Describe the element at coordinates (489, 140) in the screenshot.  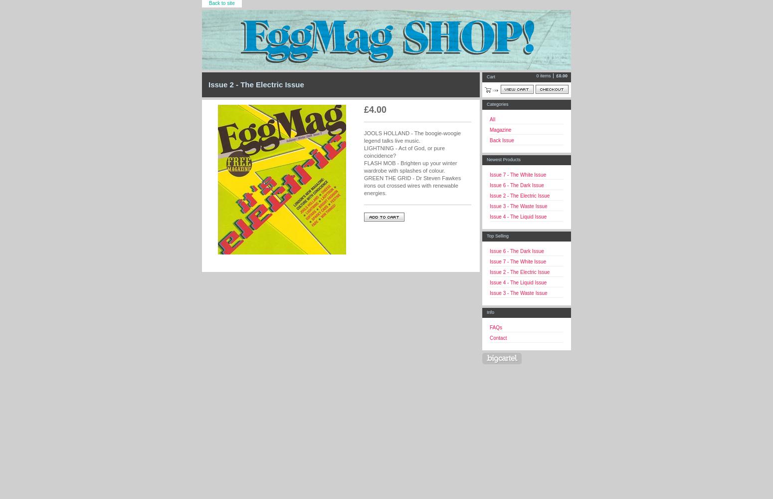
I see `'Back Issue'` at that location.